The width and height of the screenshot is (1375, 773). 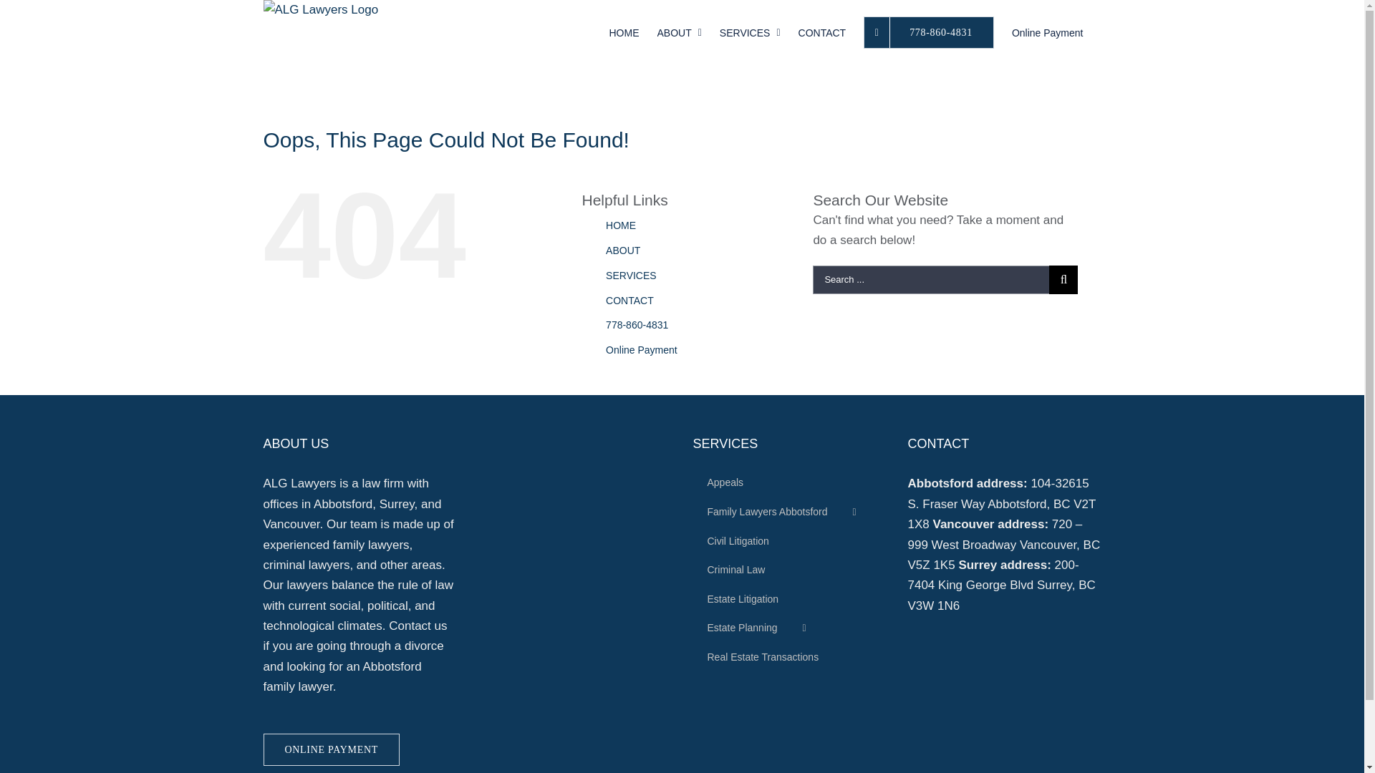 What do you see at coordinates (788, 628) in the screenshot?
I see `'Estate Planning'` at bounding box center [788, 628].